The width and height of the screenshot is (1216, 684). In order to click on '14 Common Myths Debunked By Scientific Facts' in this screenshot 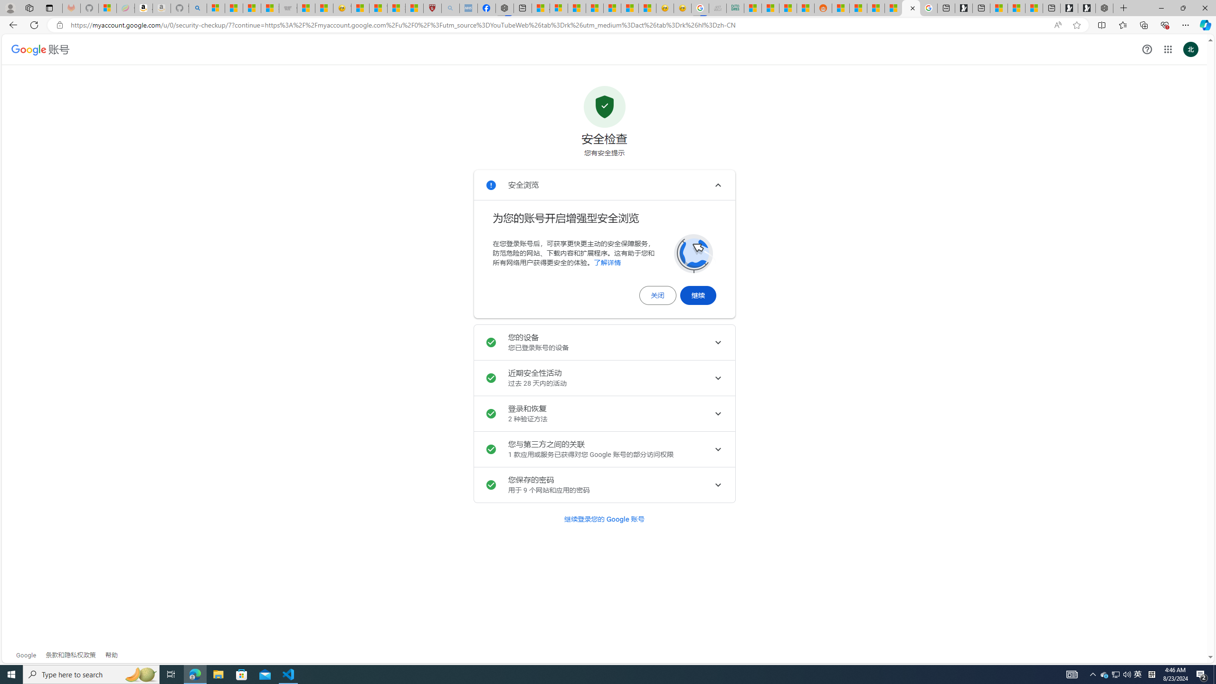, I will do `click(595, 8)`.